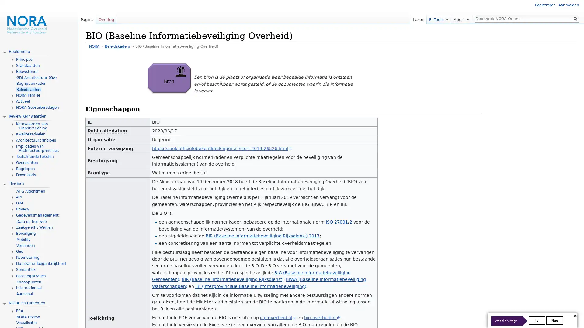  Describe the element at coordinates (554, 320) in the screenshot. I see `Nee` at that location.